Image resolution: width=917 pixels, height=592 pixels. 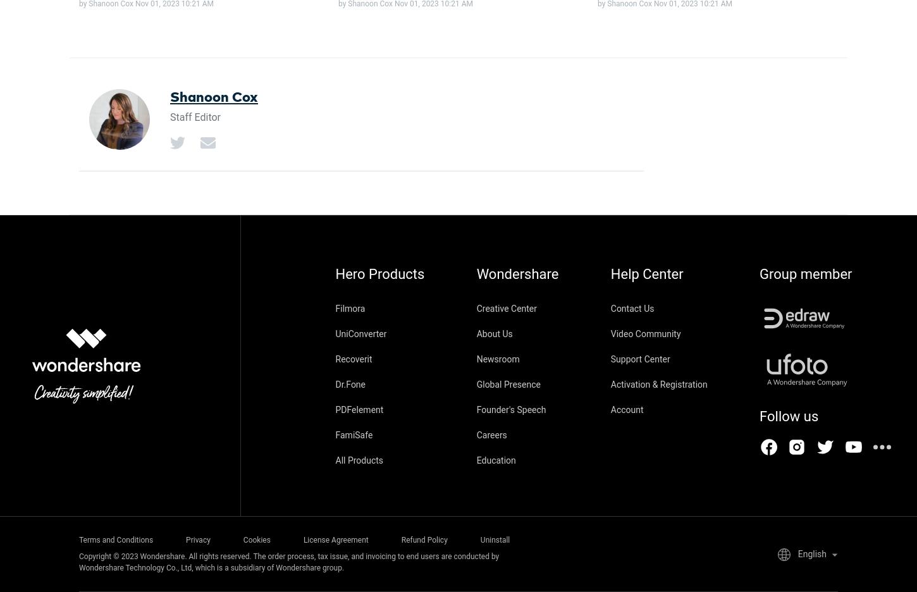 I want to click on 'PDFelement', so click(x=359, y=409).